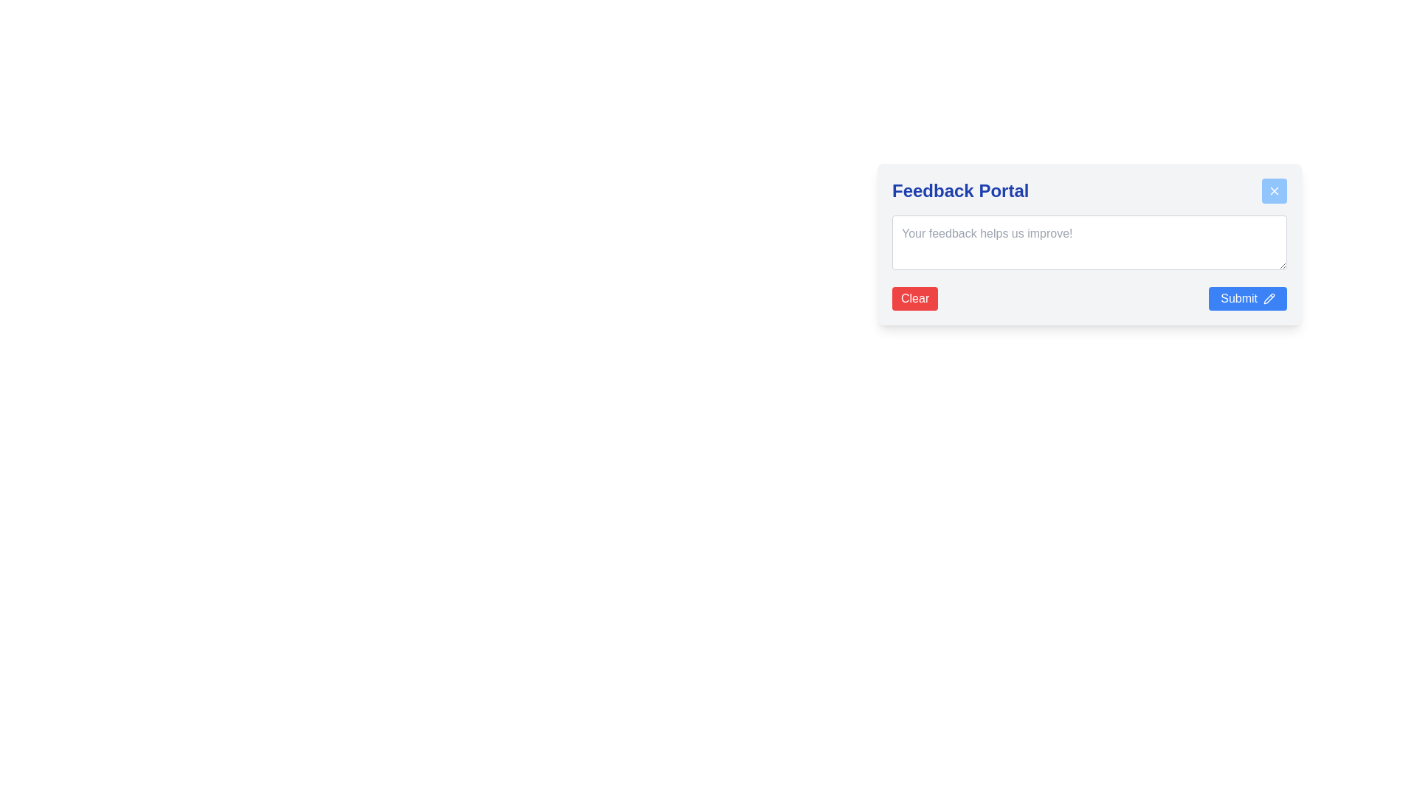 The width and height of the screenshot is (1417, 797). What do you see at coordinates (914, 299) in the screenshot?
I see `the 'Clear' button, which has a red background and white text, located at the bottom of the 'Feedback Portal' section` at bounding box center [914, 299].